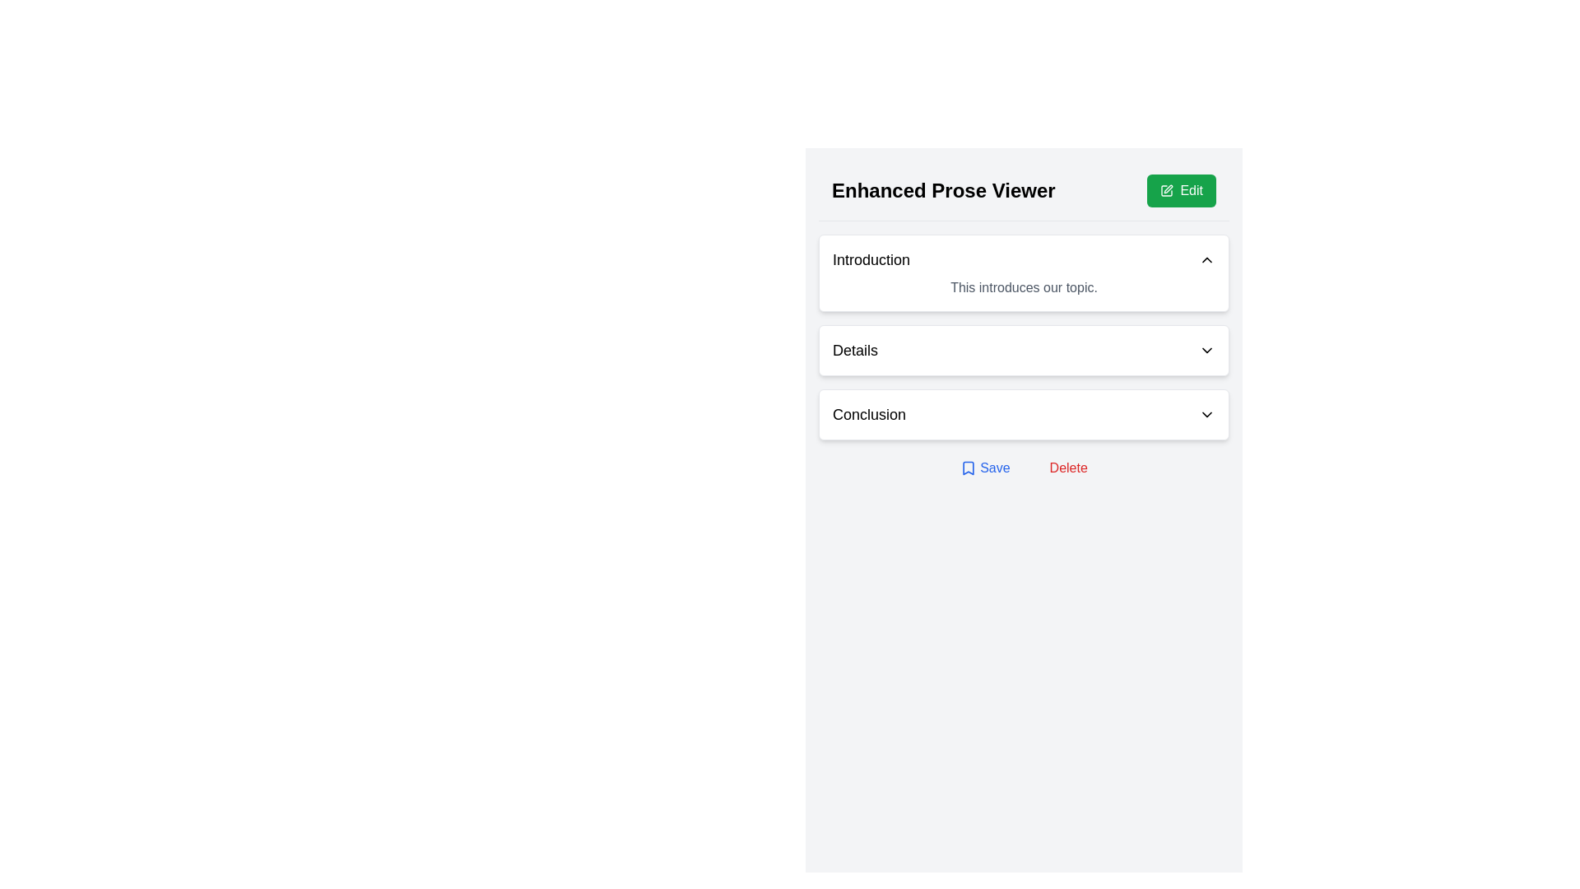  Describe the element at coordinates (1207, 414) in the screenshot. I see `the SVG icon located to the right of the 'Conclusion' text` at that location.